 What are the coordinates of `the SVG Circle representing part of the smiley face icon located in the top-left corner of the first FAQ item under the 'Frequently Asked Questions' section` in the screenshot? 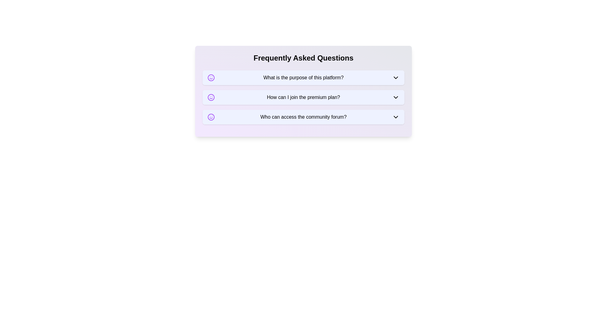 It's located at (211, 77).